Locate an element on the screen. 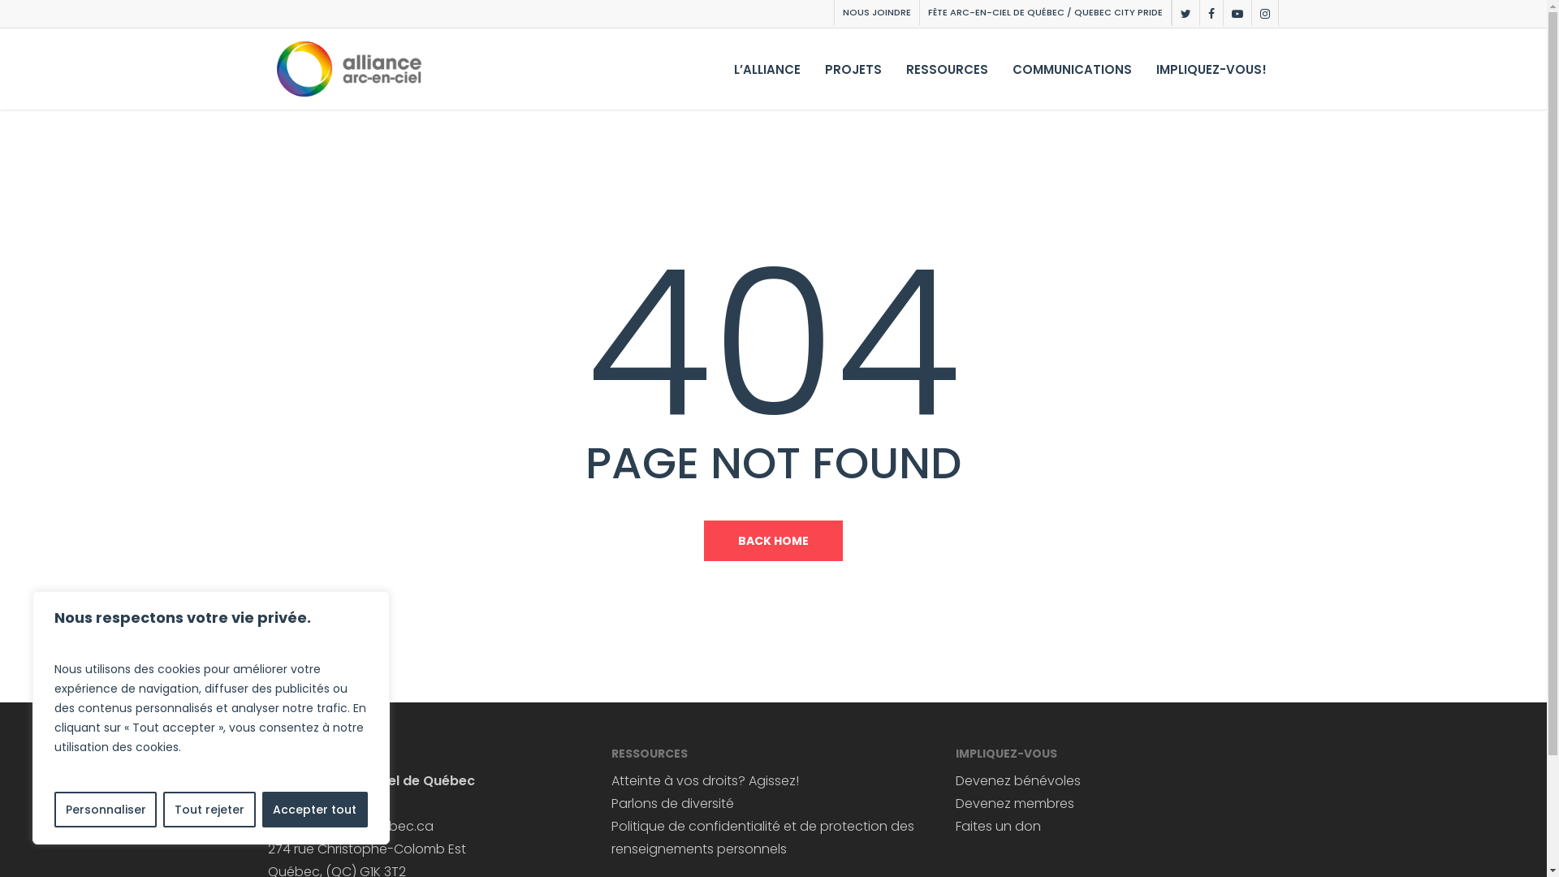  'BACK HOME' is located at coordinates (772, 539).